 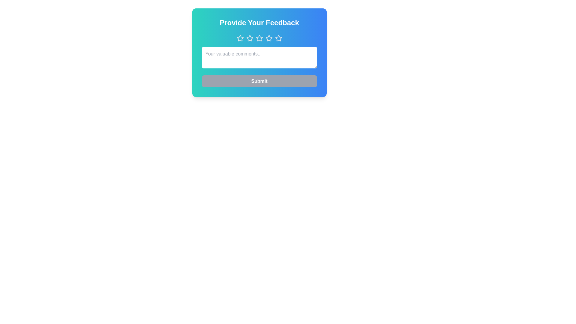 What do you see at coordinates (250, 38) in the screenshot?
I see `the star button corresponding to the desired rating 2` at bounding box center [250, 38].